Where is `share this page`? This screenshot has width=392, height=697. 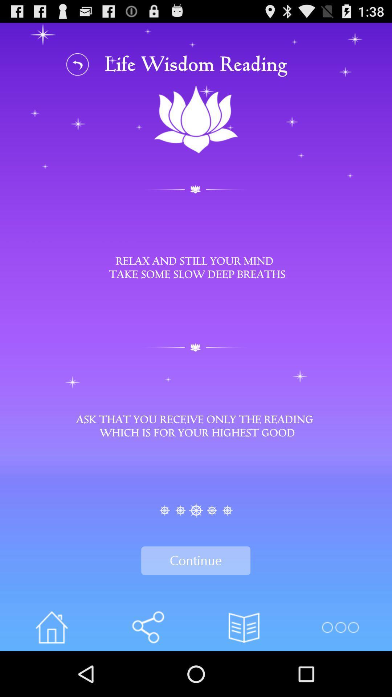
share this page is located at coordinates (147, 627).